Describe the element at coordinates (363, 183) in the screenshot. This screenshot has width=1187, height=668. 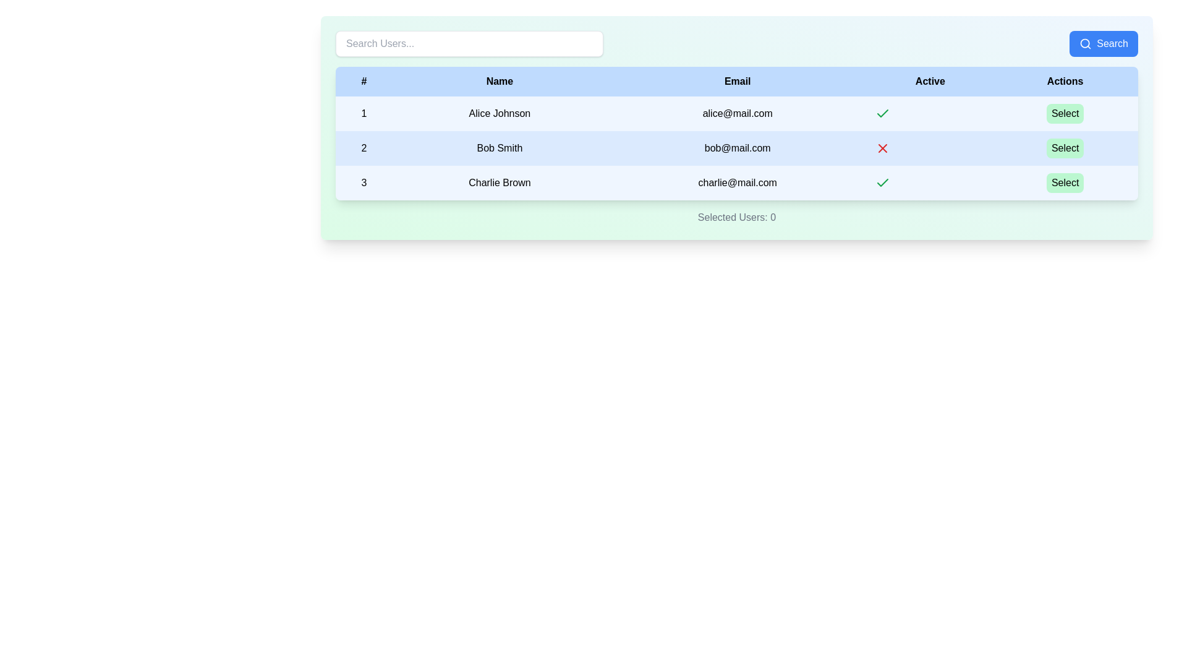
I see `the numerical value '3' in the leftmost column of the table row for user 'Charlie Brown' with the email 'charlie@mail.com', located in the third row of the table with a light blue background` at that location.